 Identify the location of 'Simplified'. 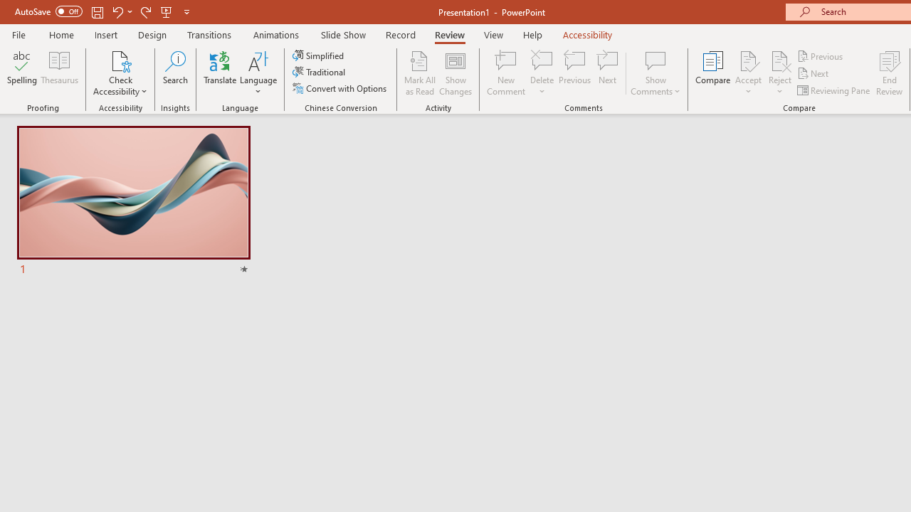
(319, 55).